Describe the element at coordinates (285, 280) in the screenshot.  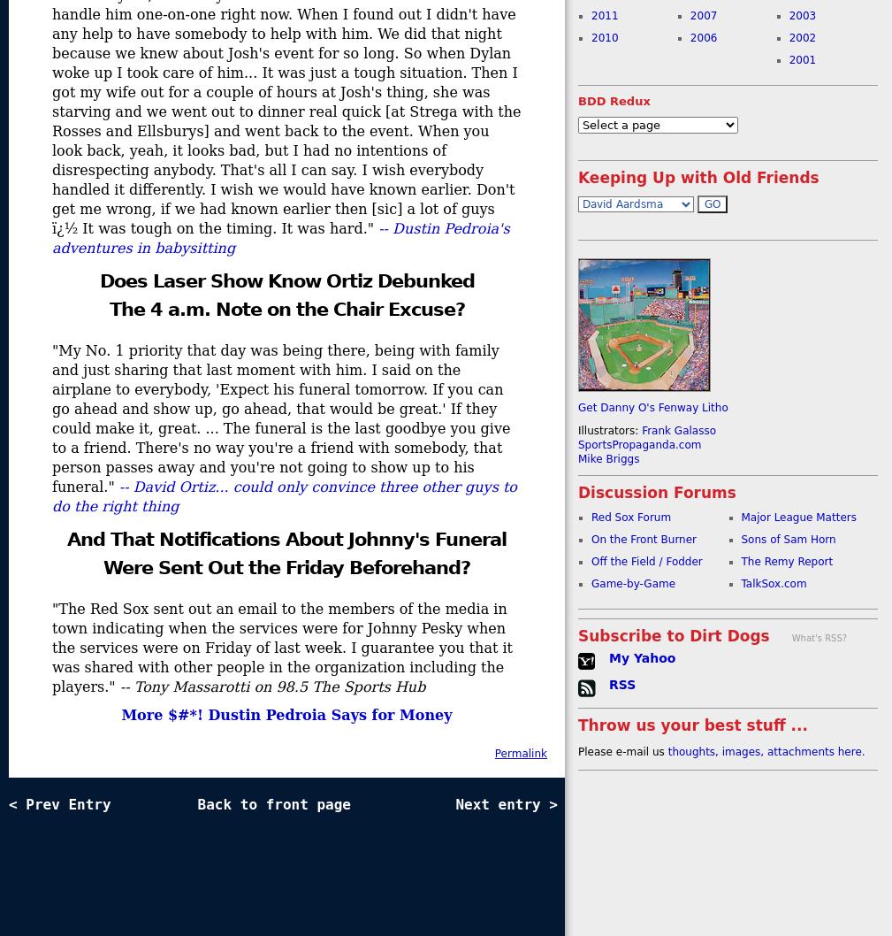
I see `'Does Laser Show Know Ortiz Debunked'` at that location.